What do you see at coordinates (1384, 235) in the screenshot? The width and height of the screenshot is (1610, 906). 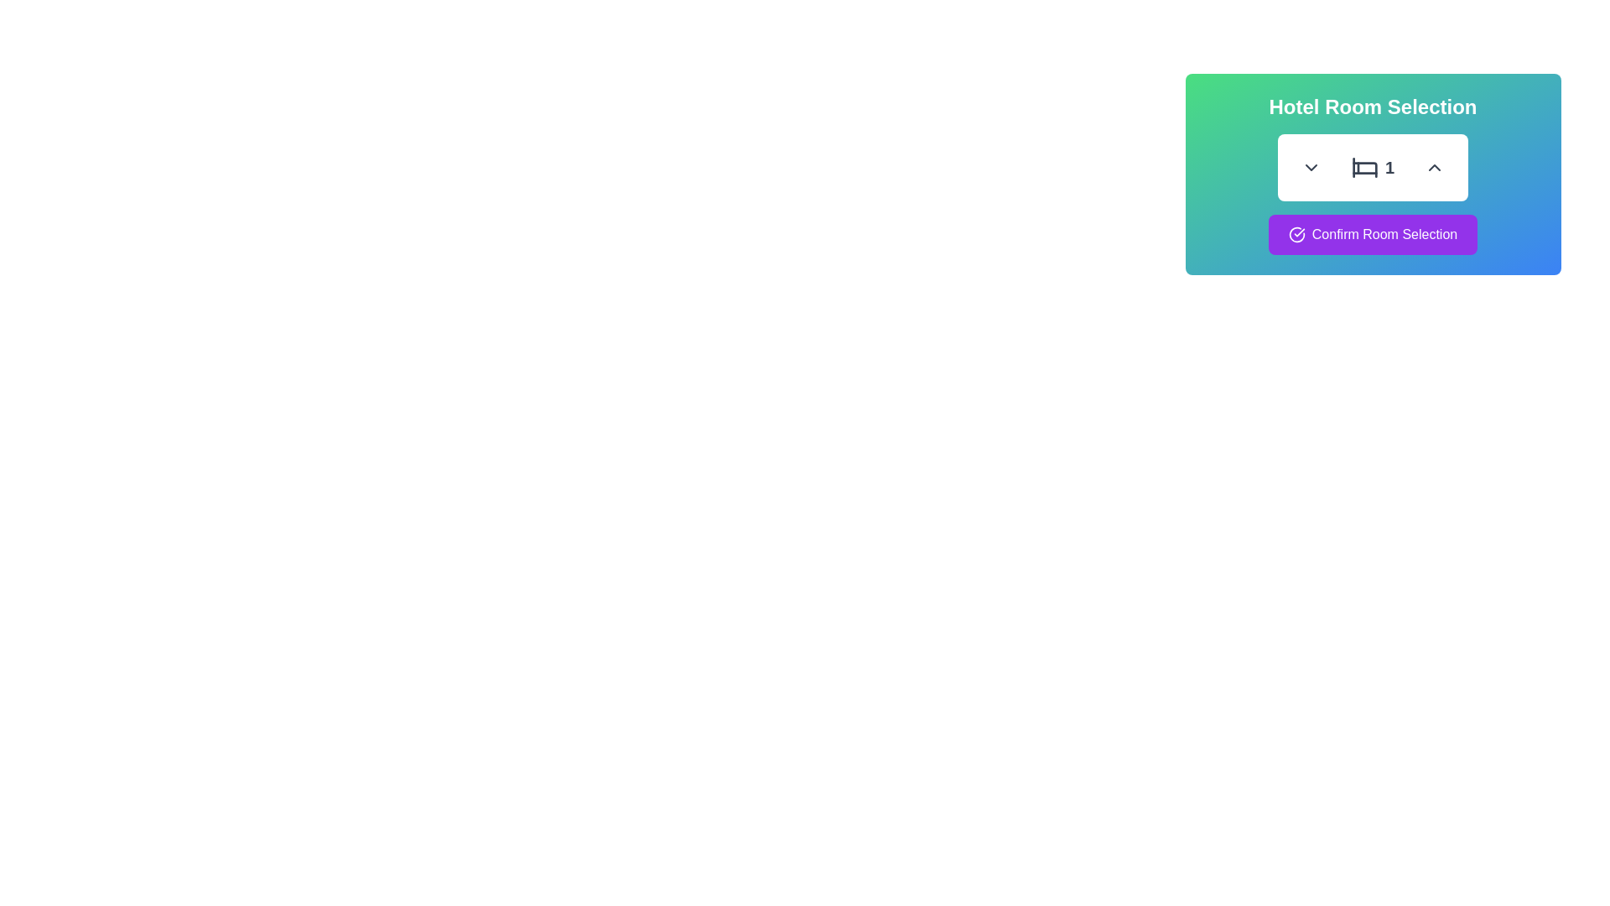 I see `the button labeled 'Confirm Room Selection' which has white text on a purple background to confirm the room selection` at bounding box center [1384, 235].